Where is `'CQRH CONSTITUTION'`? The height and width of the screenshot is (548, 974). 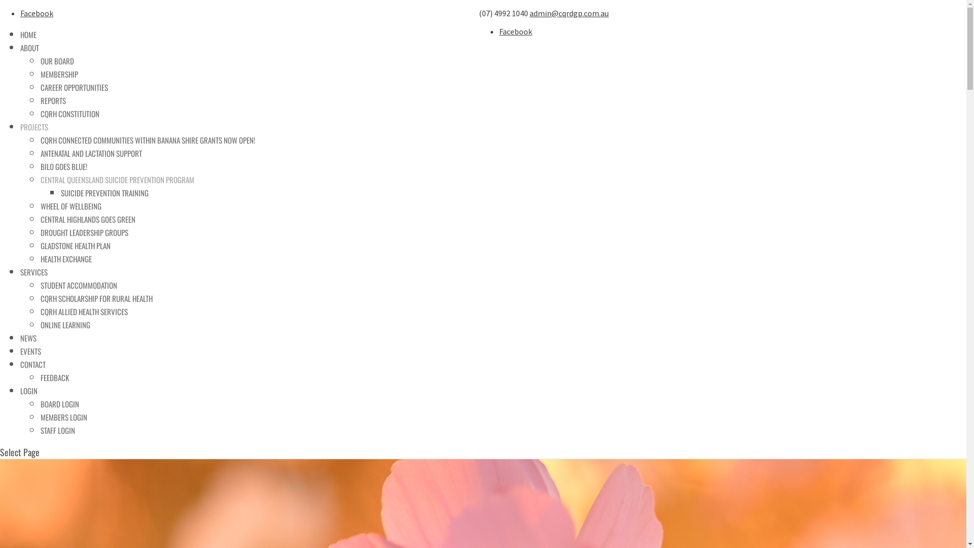
'CQRH CONSTITUTION' is located at coordinates (69, 113).